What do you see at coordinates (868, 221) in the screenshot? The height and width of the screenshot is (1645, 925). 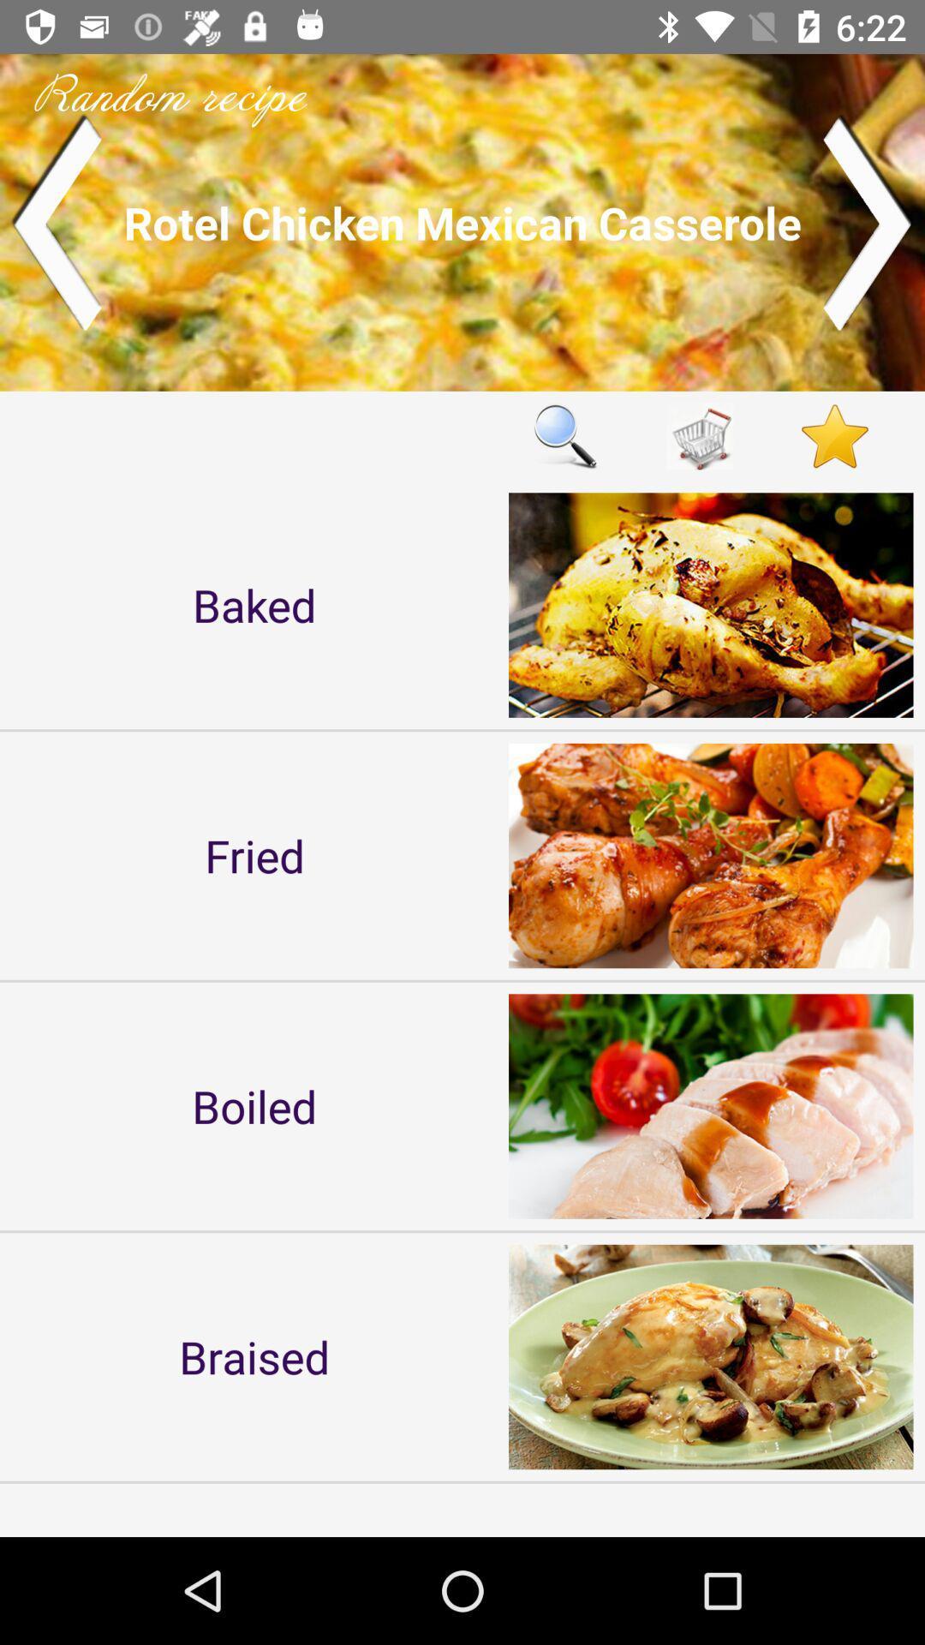 I see `next option` at bounding box center [868, 221].